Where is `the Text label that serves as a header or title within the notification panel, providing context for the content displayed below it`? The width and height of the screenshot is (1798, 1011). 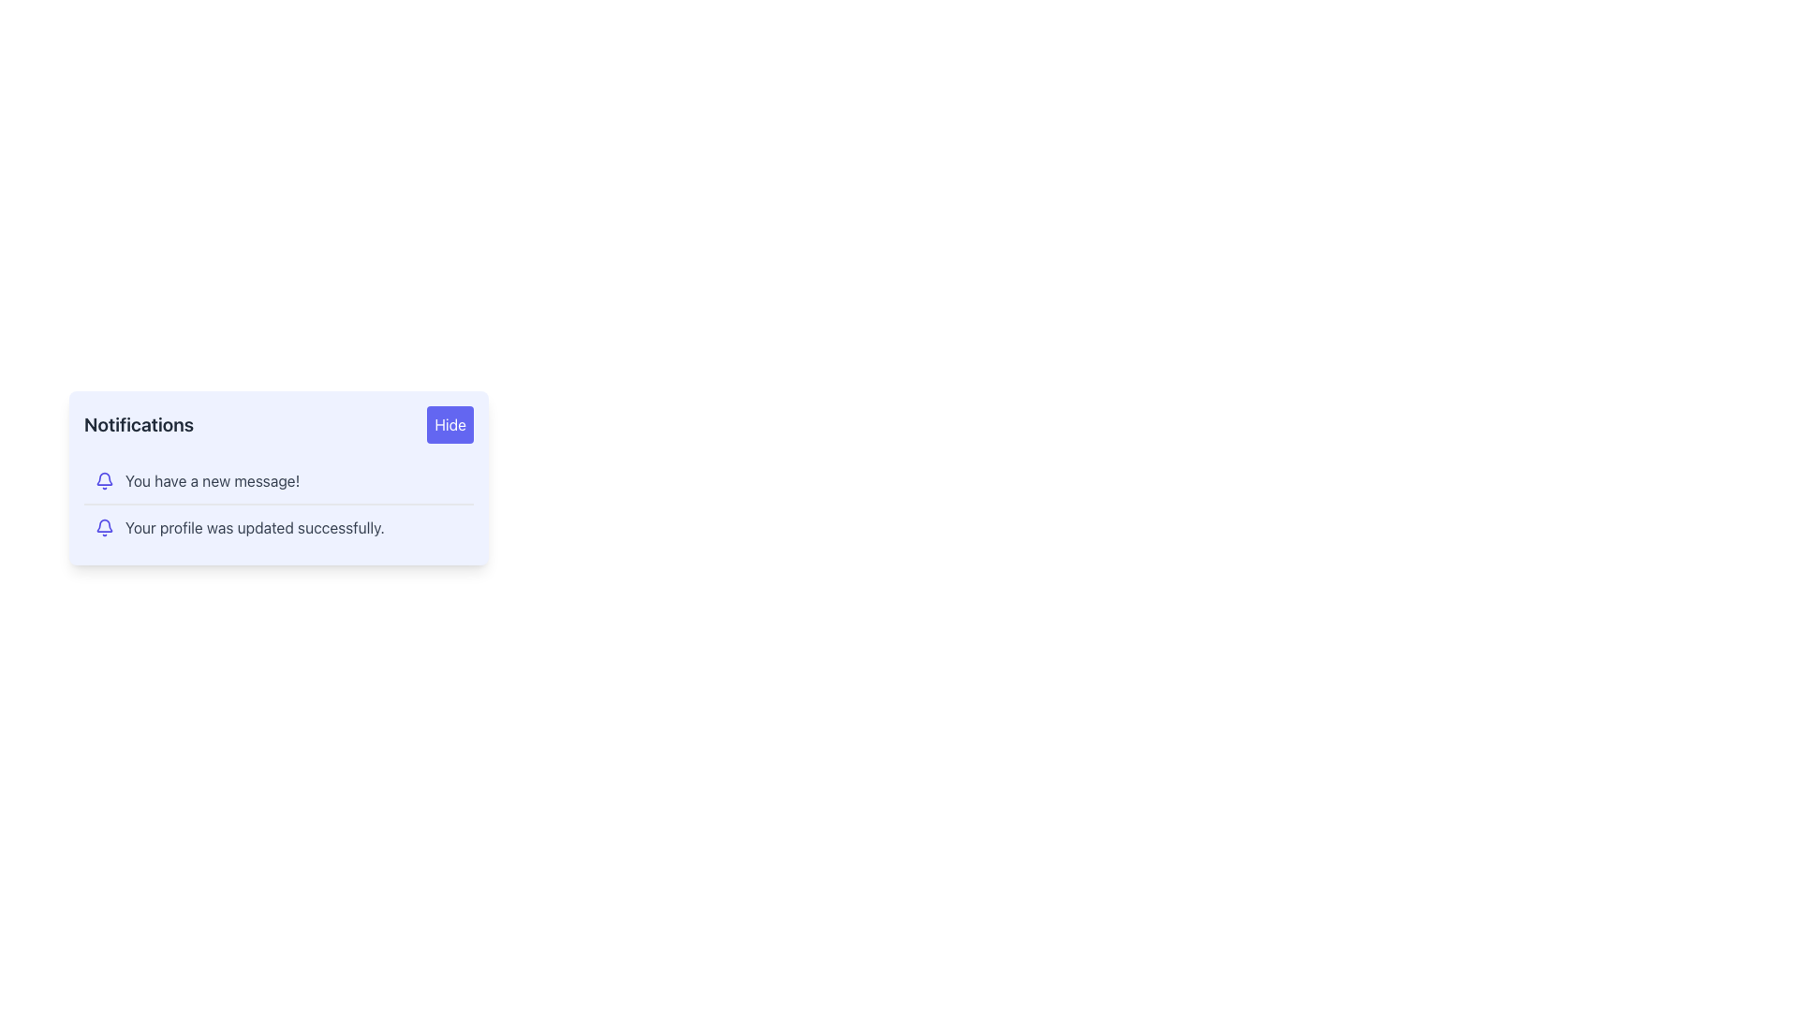 the Text label that serves as a header or title within the notification panel, providing context for the content displayed below it is located at coordinates (138, 425).